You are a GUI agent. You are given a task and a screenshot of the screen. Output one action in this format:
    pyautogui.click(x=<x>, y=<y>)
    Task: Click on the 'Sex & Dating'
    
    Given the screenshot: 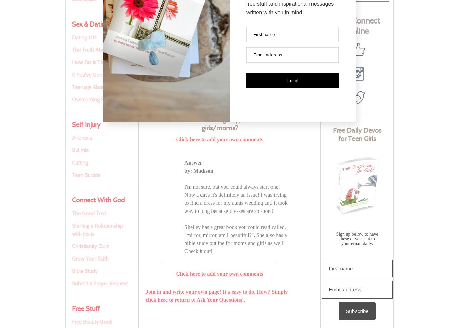 What is the action you would take?
    pyautogui.click(x=90, y=24)
    